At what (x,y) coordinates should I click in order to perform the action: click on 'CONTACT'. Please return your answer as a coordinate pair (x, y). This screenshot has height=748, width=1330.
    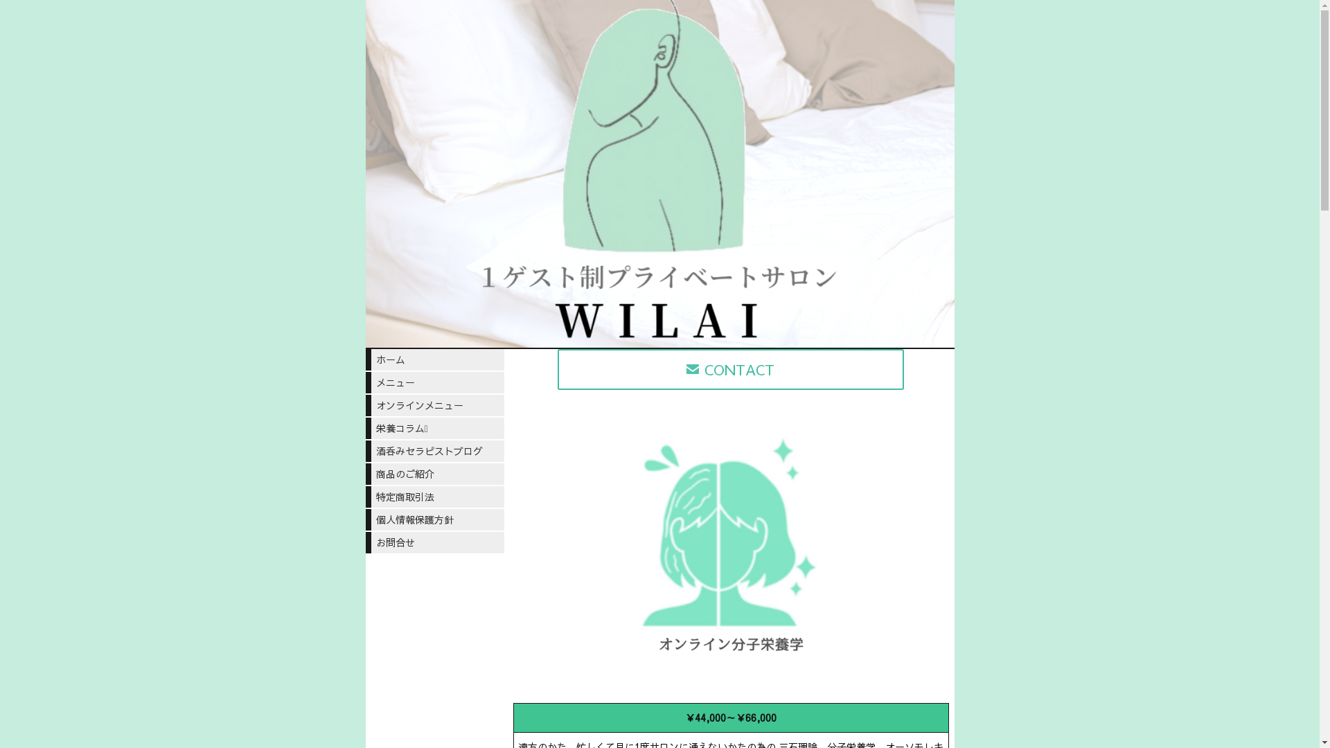
    Looking at the image, I should click on (730, 368).